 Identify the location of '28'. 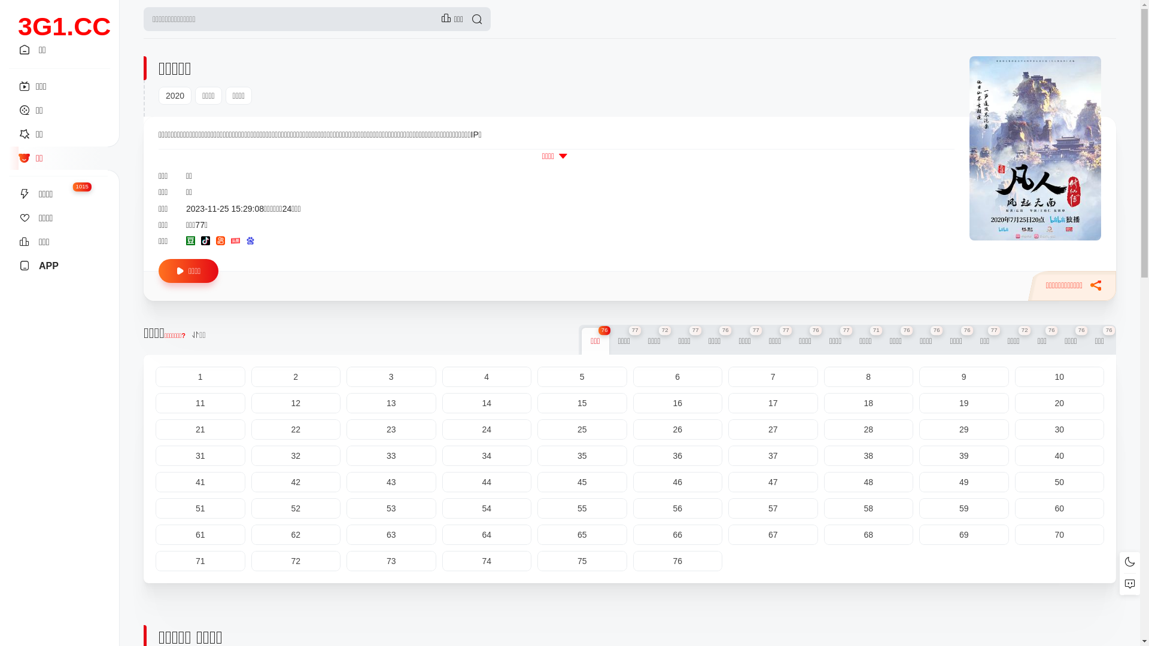
(868, 428).